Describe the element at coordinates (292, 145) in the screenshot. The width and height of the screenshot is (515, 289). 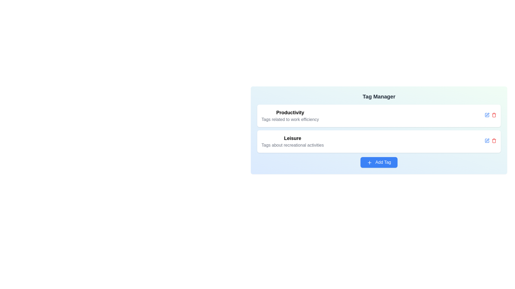
I see `text 'Tags about recreational activities', which is styled in a small, light gray font and located below the bold header 'Leisure'` at that location.